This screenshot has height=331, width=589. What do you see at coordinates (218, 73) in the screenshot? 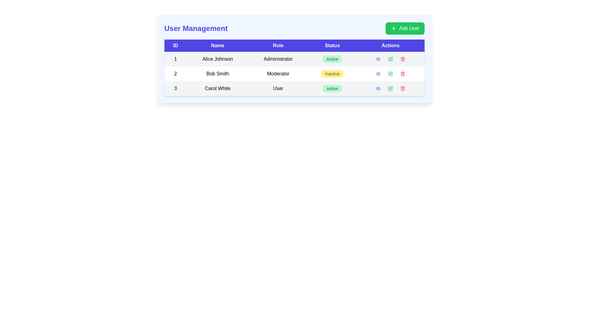
I see `the text label displaying the user's name located in the second row of the user management table under the 'Name' column, adjacent to the 'Moderator' role and 'Inactive' status to check for interaction effects` at bounding box center [218, 73].